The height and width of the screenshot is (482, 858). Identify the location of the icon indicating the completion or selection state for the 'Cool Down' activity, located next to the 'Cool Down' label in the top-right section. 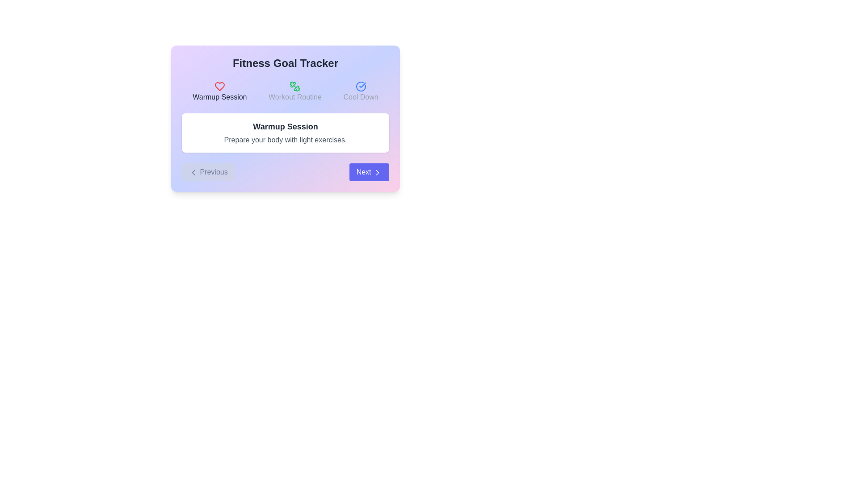
(361, 86).